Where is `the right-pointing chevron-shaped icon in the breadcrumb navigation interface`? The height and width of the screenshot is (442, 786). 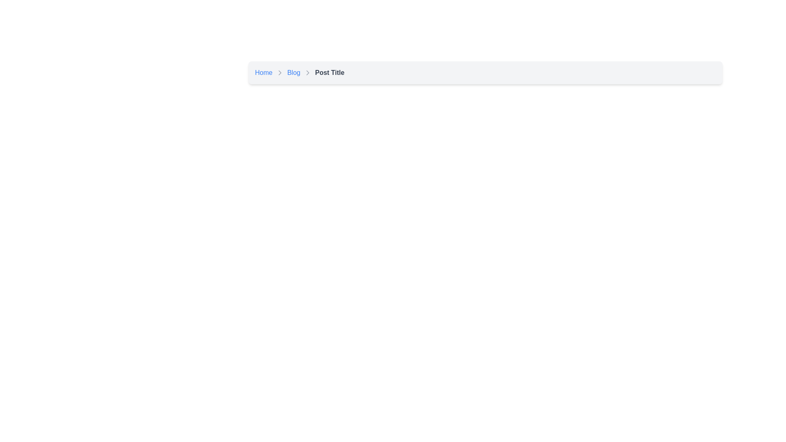
the right-pointing chevron-shaped icon in the breadcrumb navigation interface is located at coordinates (280, 72).